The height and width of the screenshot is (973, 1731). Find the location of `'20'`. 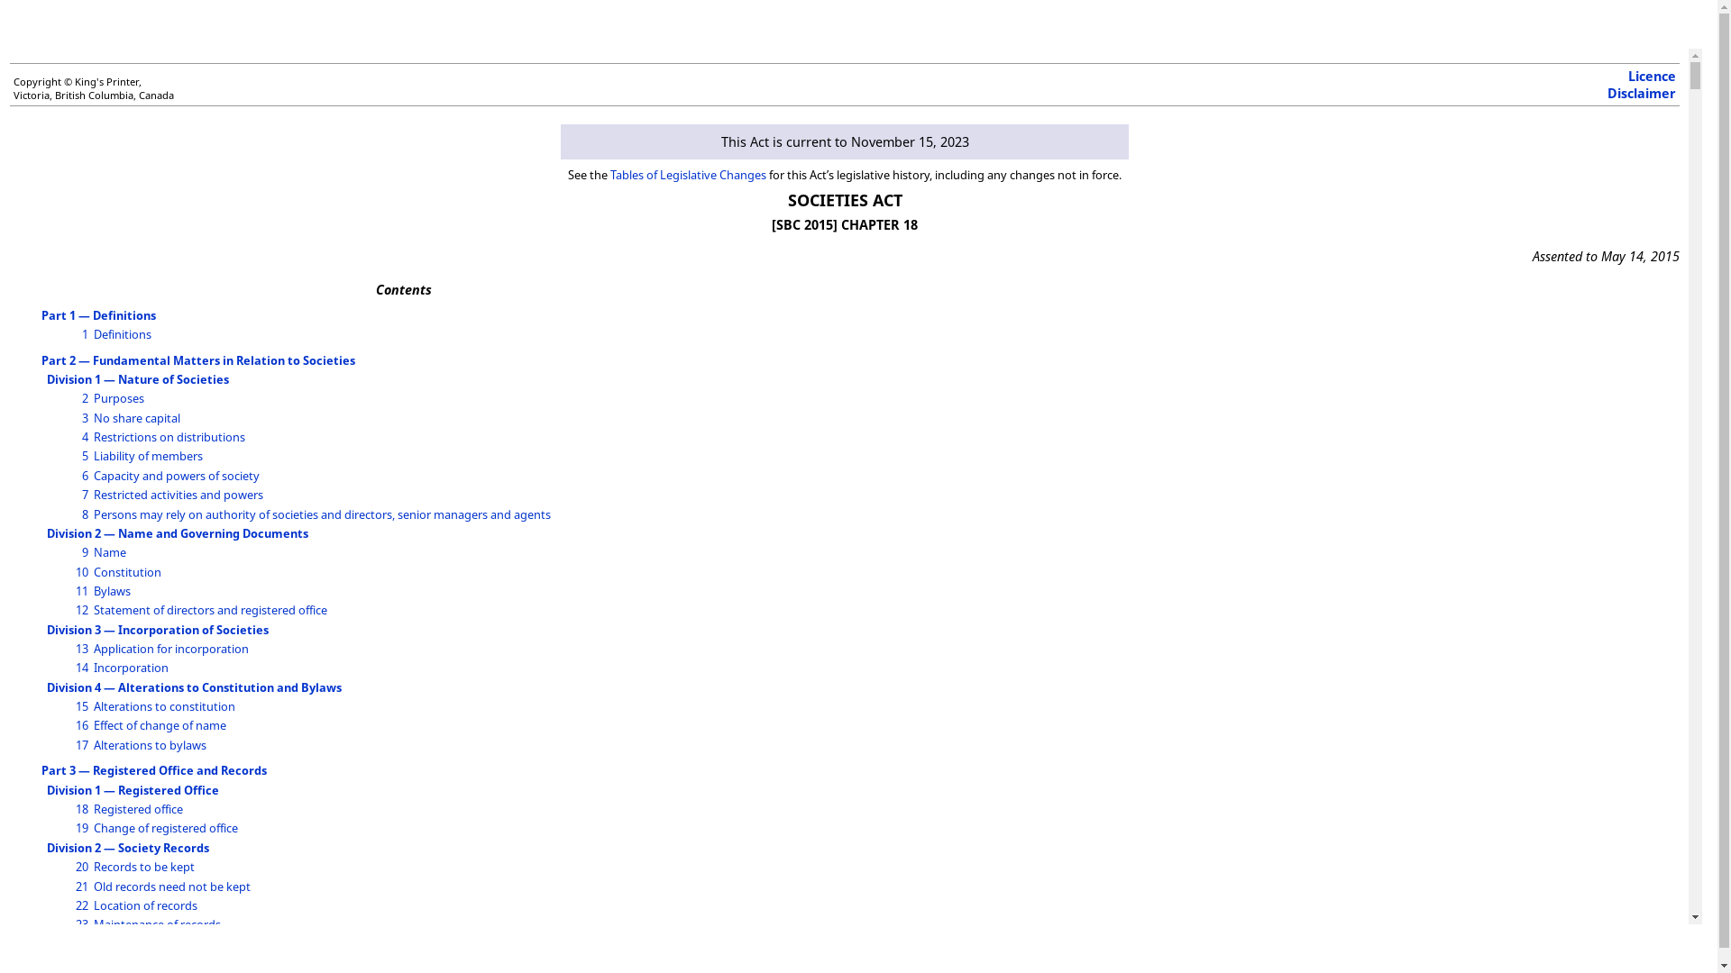

'20' is located at coordinates (81, 865).